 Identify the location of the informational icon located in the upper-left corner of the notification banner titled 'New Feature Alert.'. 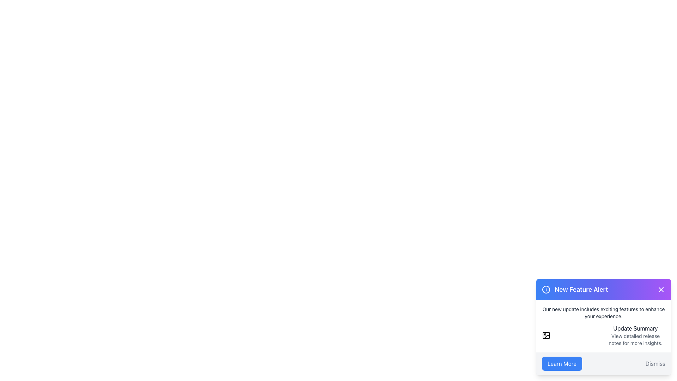
(546, 290).